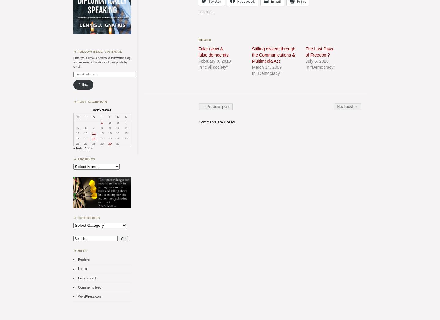  What do you see at coordinates (77, 143) in the screenshot?
I see `'26'` at bounding box center [77, 143].